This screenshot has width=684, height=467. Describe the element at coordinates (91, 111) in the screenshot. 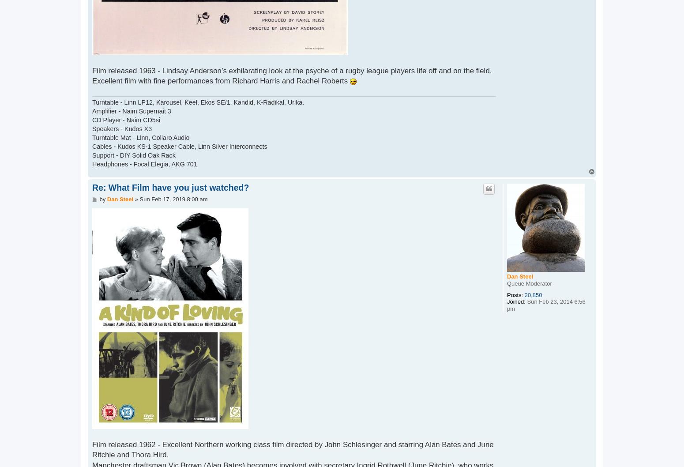

I see `'Amplifier - Naim Supernait 3'` at that location.